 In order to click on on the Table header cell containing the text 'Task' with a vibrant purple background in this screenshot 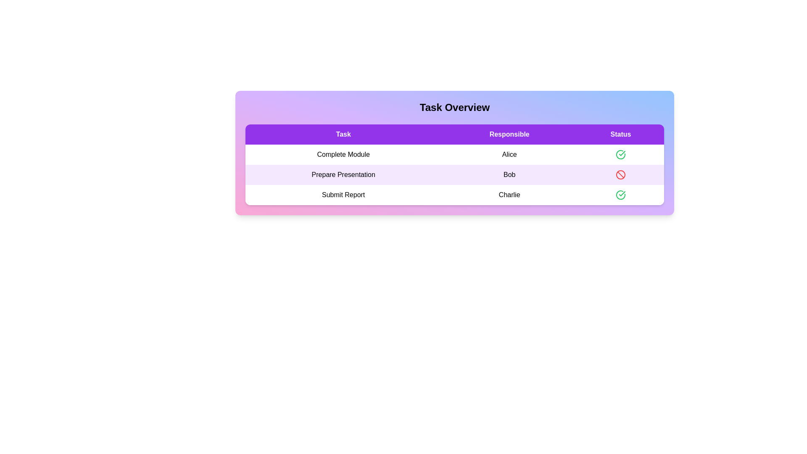, I will do `click(343, 134)`.